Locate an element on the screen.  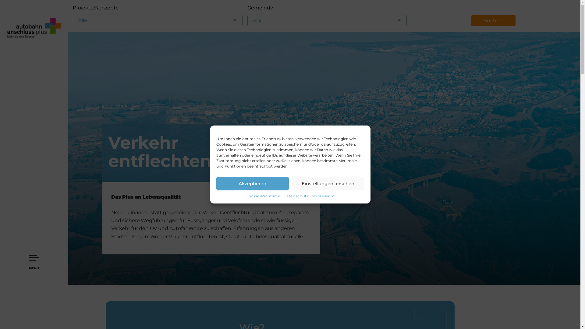
'Suchen' is located at coordinates (493, 20).